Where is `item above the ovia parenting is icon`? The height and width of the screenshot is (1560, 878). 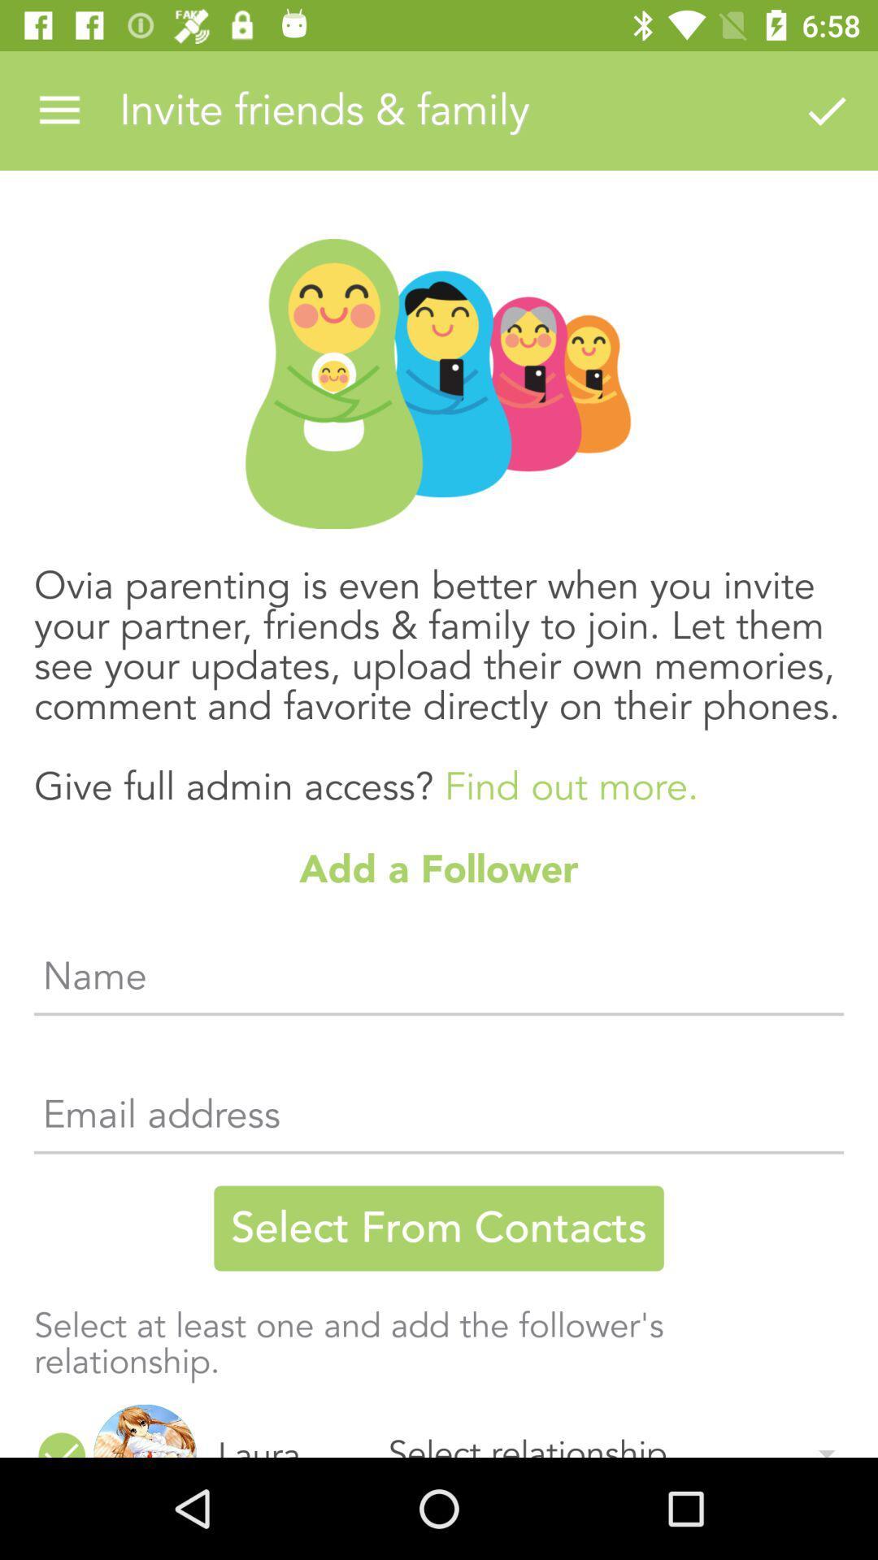
item above the ovia parenting is icon is located at coordinates (59, 110).